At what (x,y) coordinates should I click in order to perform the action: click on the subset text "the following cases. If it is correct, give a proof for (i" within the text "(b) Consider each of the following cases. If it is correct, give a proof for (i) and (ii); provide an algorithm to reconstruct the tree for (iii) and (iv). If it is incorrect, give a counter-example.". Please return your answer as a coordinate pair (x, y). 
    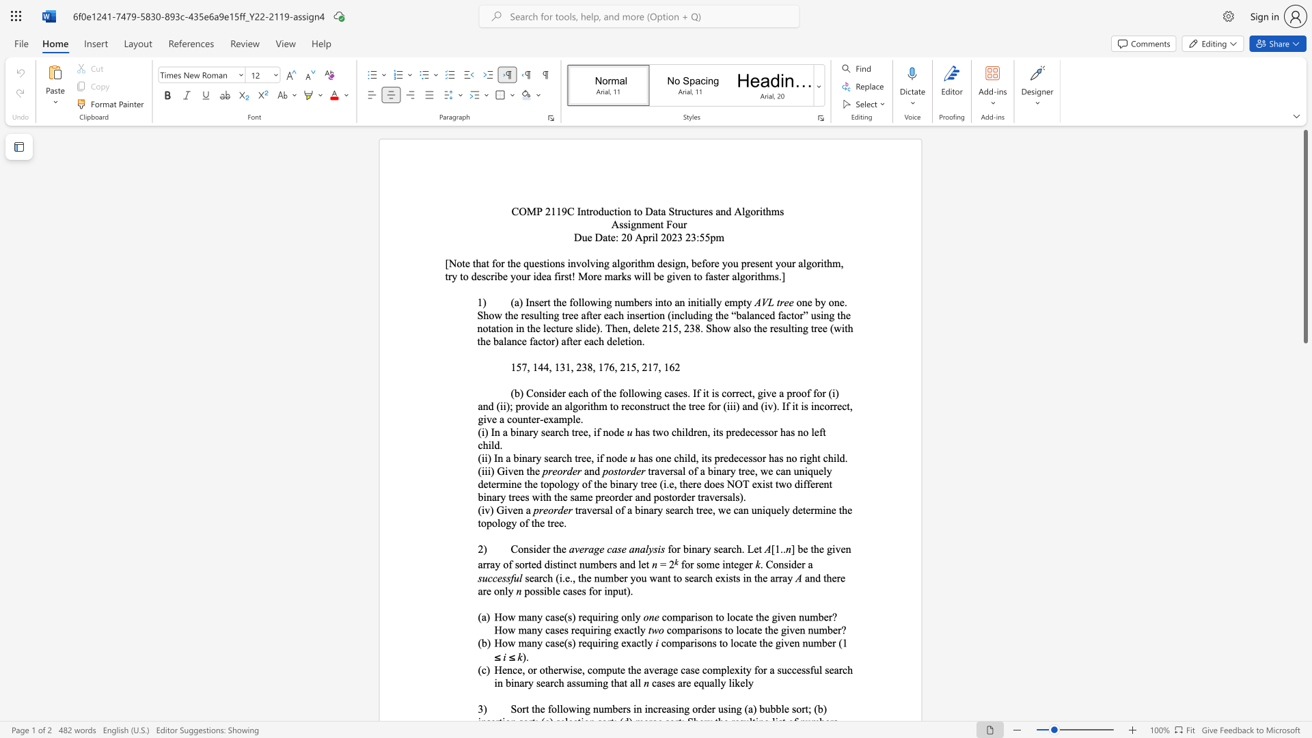
    Looking at the image, I should click on (602, 393).